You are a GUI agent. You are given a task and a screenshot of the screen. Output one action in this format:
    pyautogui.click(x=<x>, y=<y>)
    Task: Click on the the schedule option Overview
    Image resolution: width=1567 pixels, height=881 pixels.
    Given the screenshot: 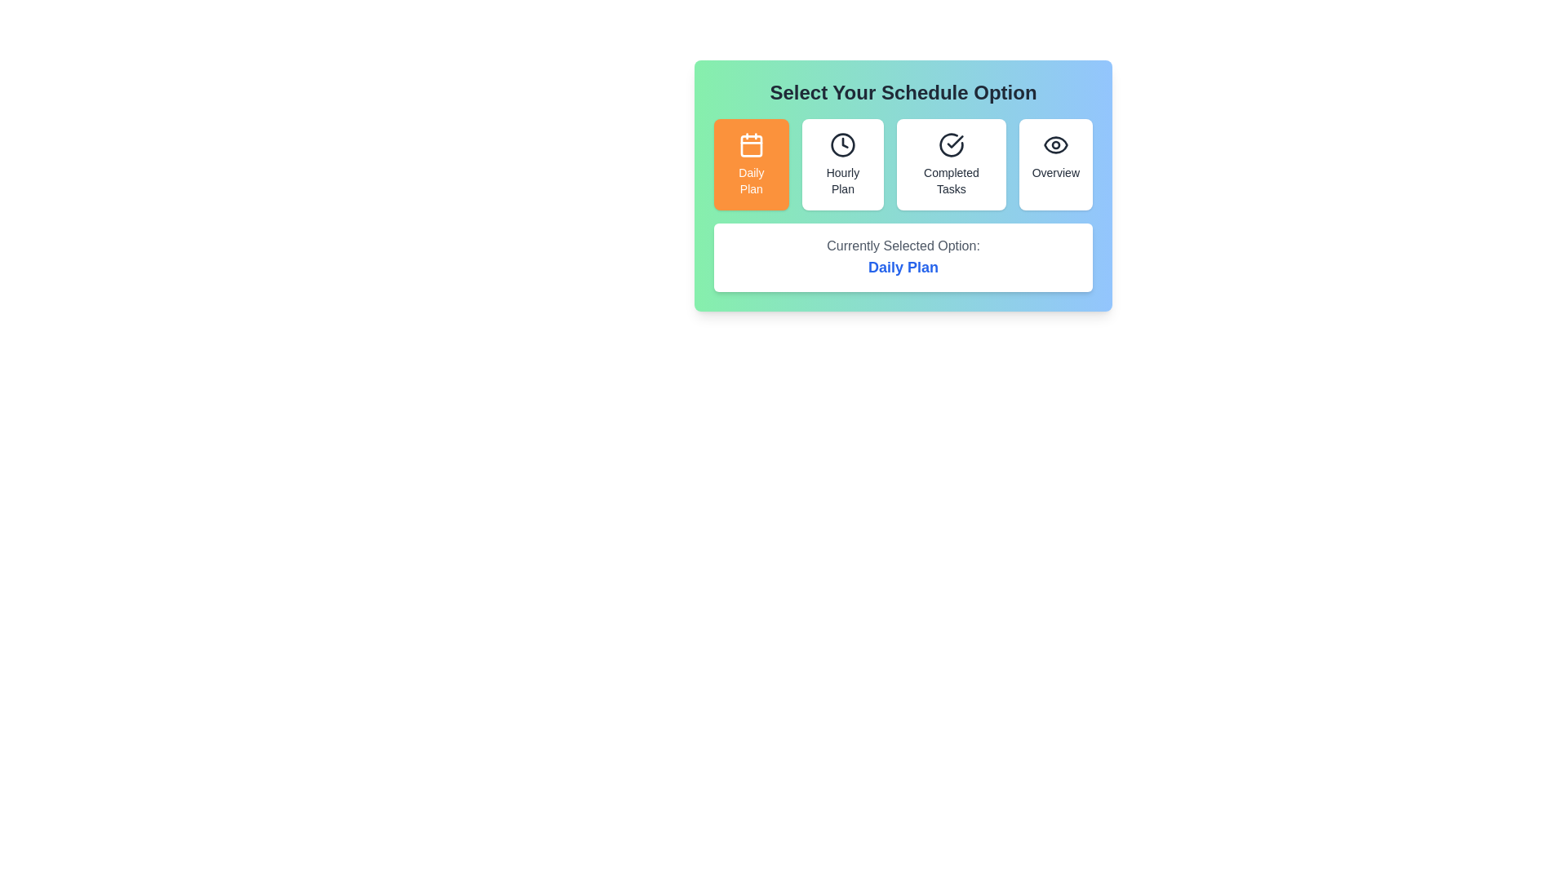 What is the action you would take?
    pyautogui.click(x=1055, y=164)
    